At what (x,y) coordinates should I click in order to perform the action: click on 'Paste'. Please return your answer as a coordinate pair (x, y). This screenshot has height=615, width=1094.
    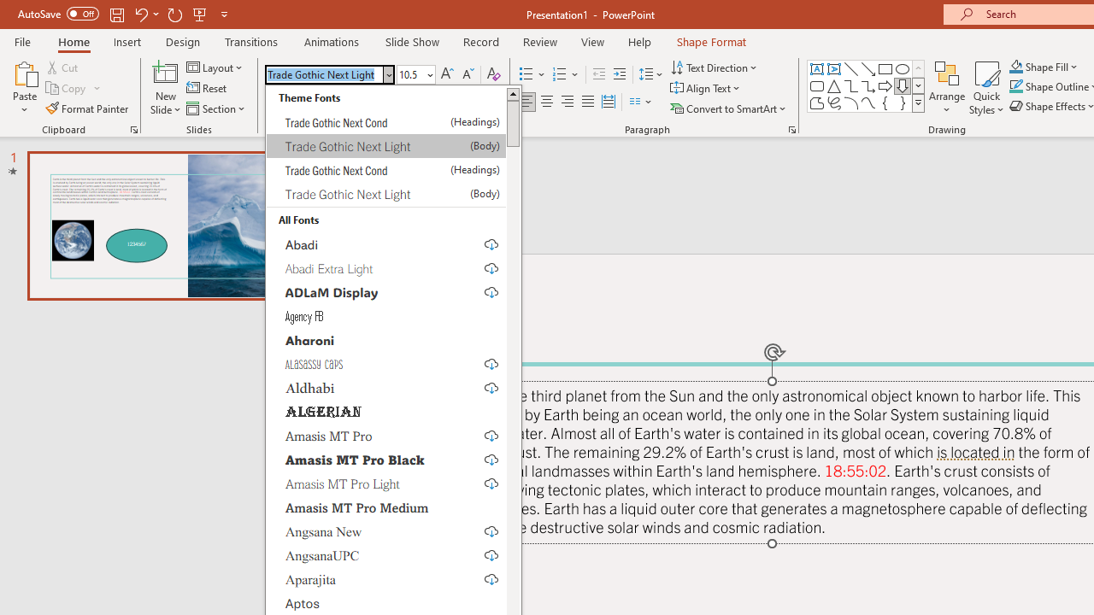
    Looking at the image, I should click on (24, 72).